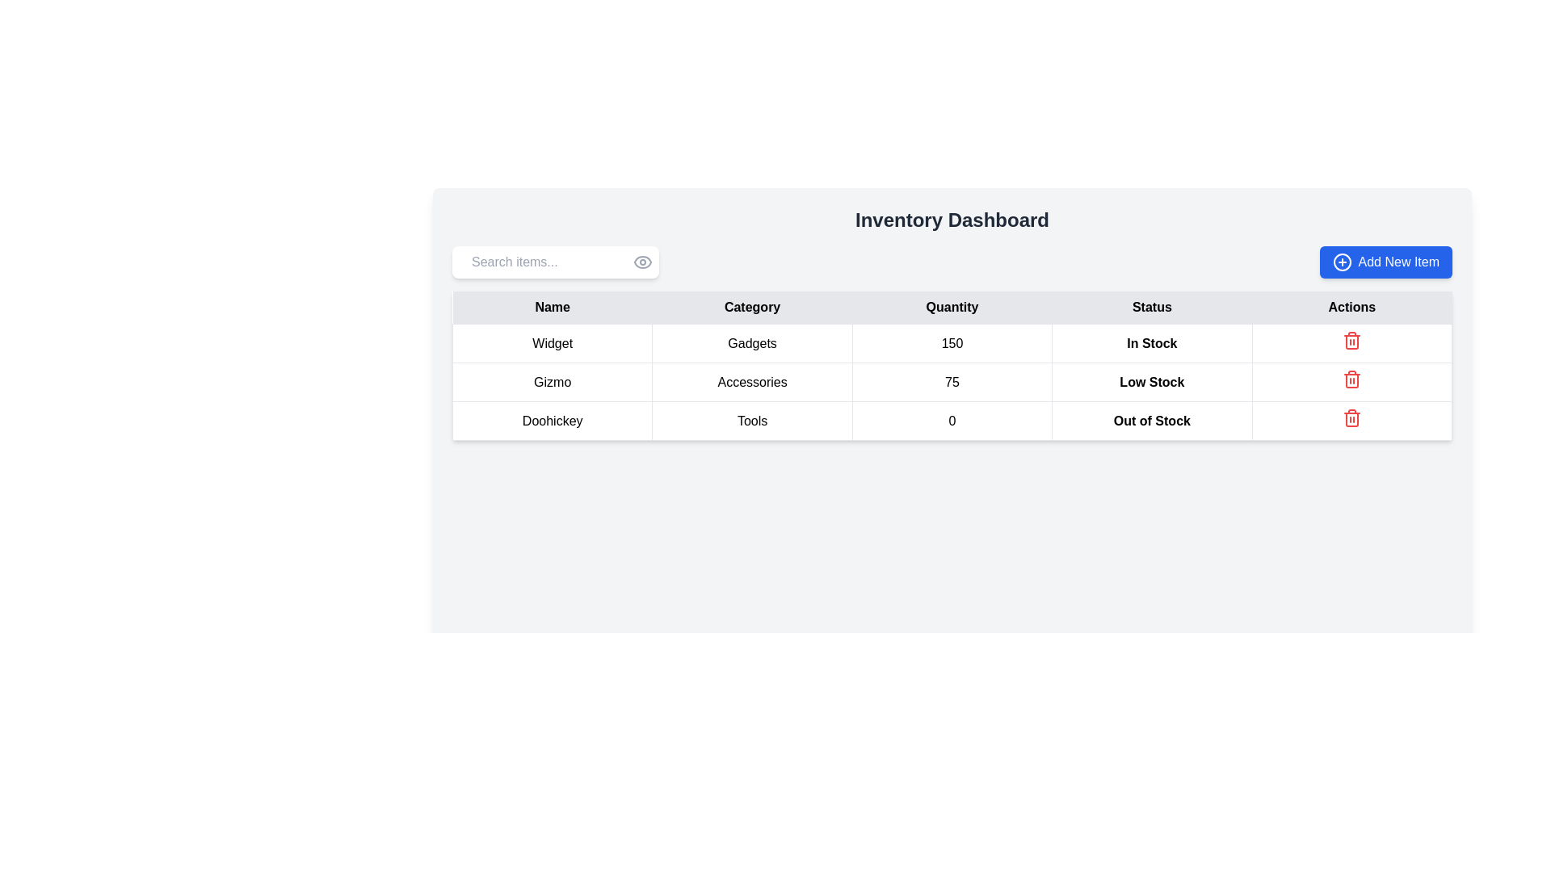 The image size is (1551, 872). What do you see at coordinates (952, 382) in the screenshot?
I see `the static text label displaying the quantity value of 75 units for the item 'Gizmo' in the 'Accessories' category, located in the third cell of the second row under the 'Quantity' header` at bounding box center [952, 382].